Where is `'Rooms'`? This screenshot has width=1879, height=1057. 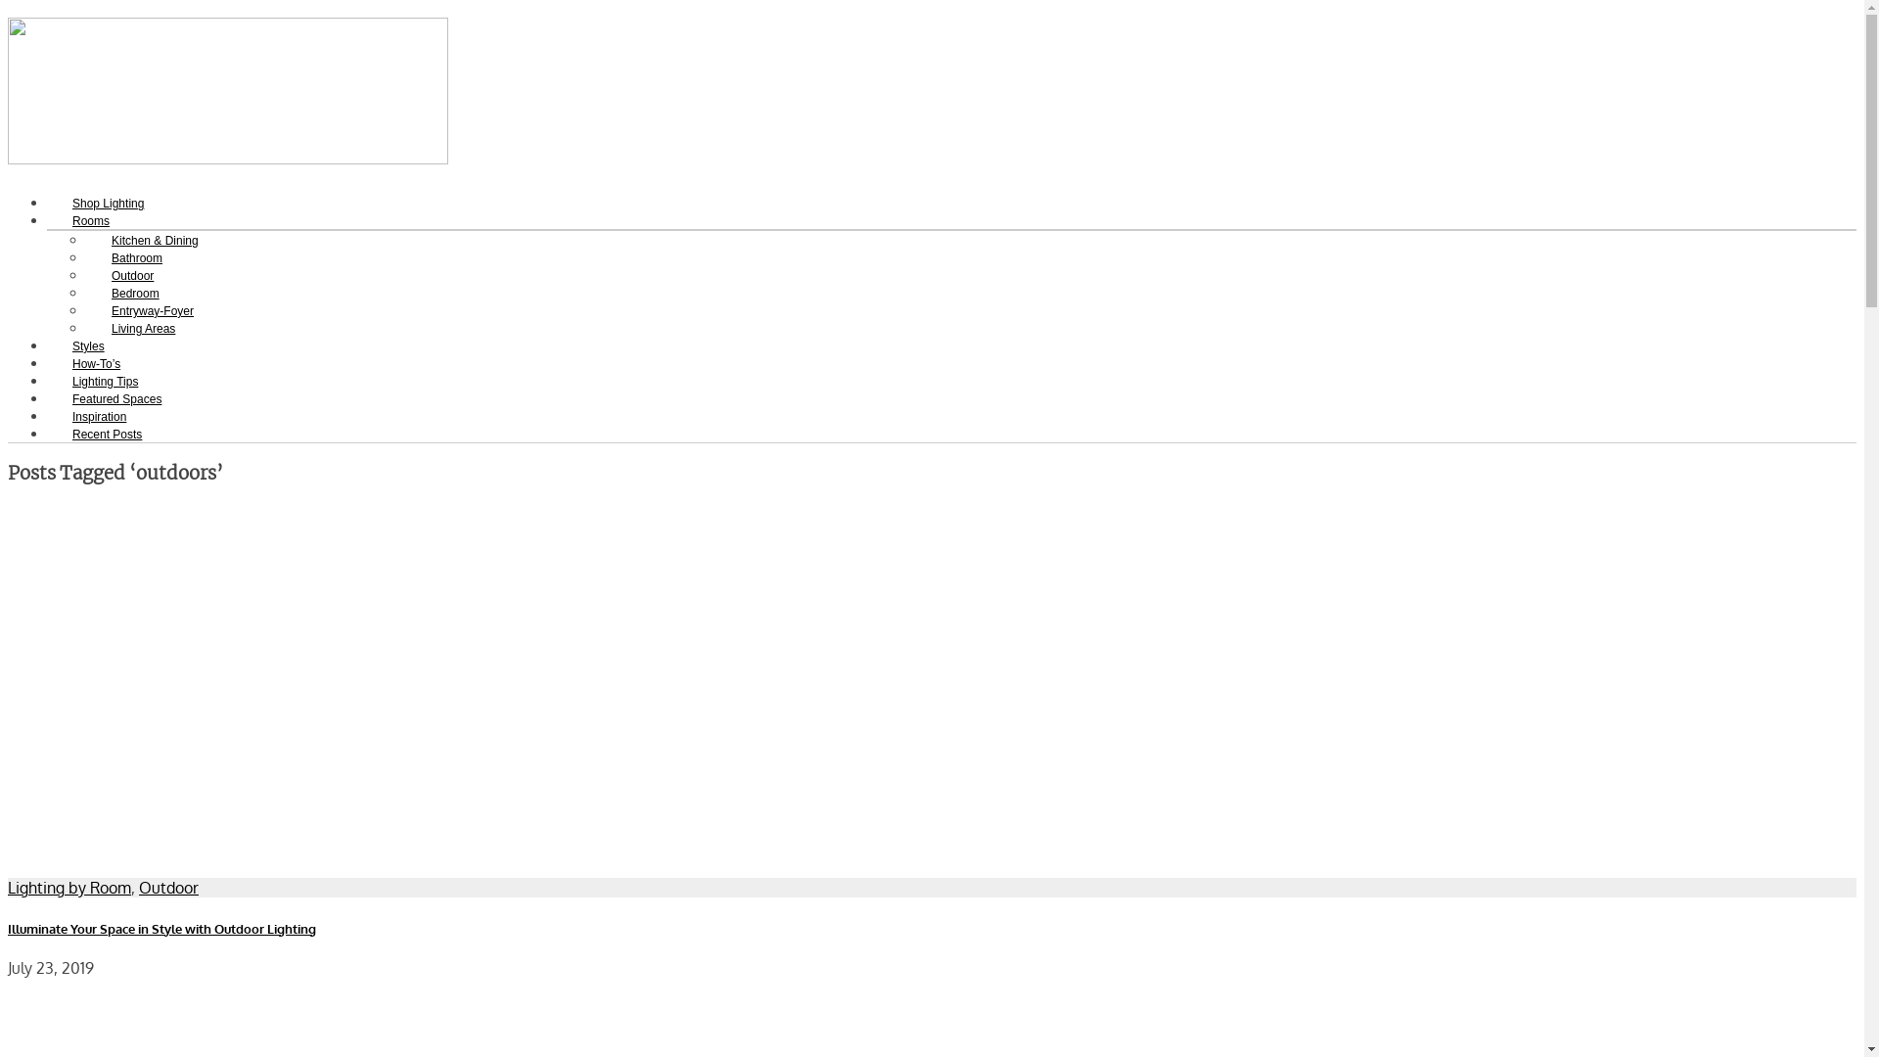
'Rooms' is located at coordinates (89, 220).